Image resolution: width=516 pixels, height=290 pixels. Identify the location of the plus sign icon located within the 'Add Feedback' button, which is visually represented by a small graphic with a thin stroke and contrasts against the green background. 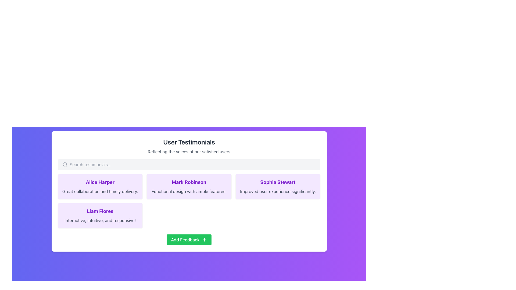
(204, 240).